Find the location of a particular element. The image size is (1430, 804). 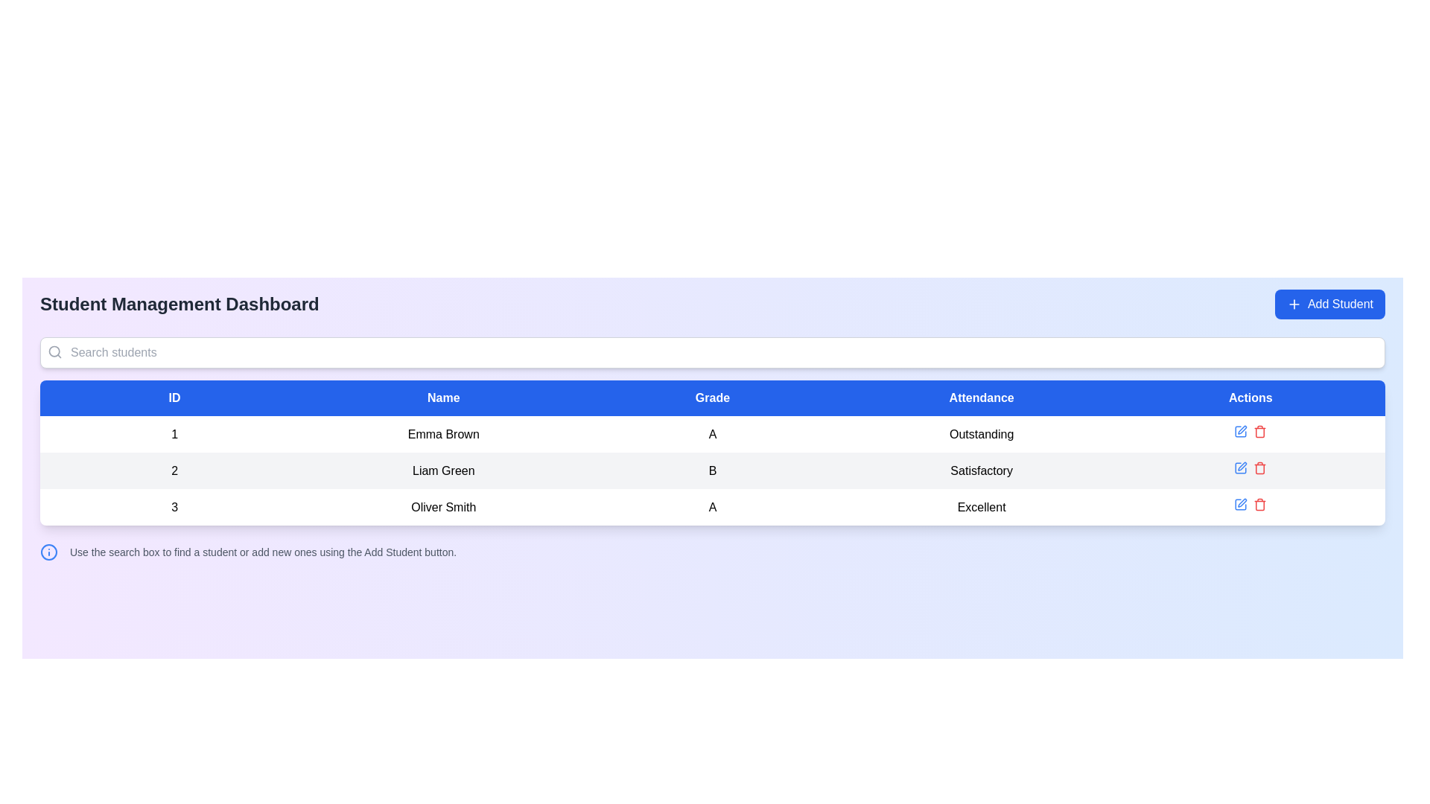

numerical identifier text located in the first column of the table under the header 'ID' is located at coordinates (174, 434).